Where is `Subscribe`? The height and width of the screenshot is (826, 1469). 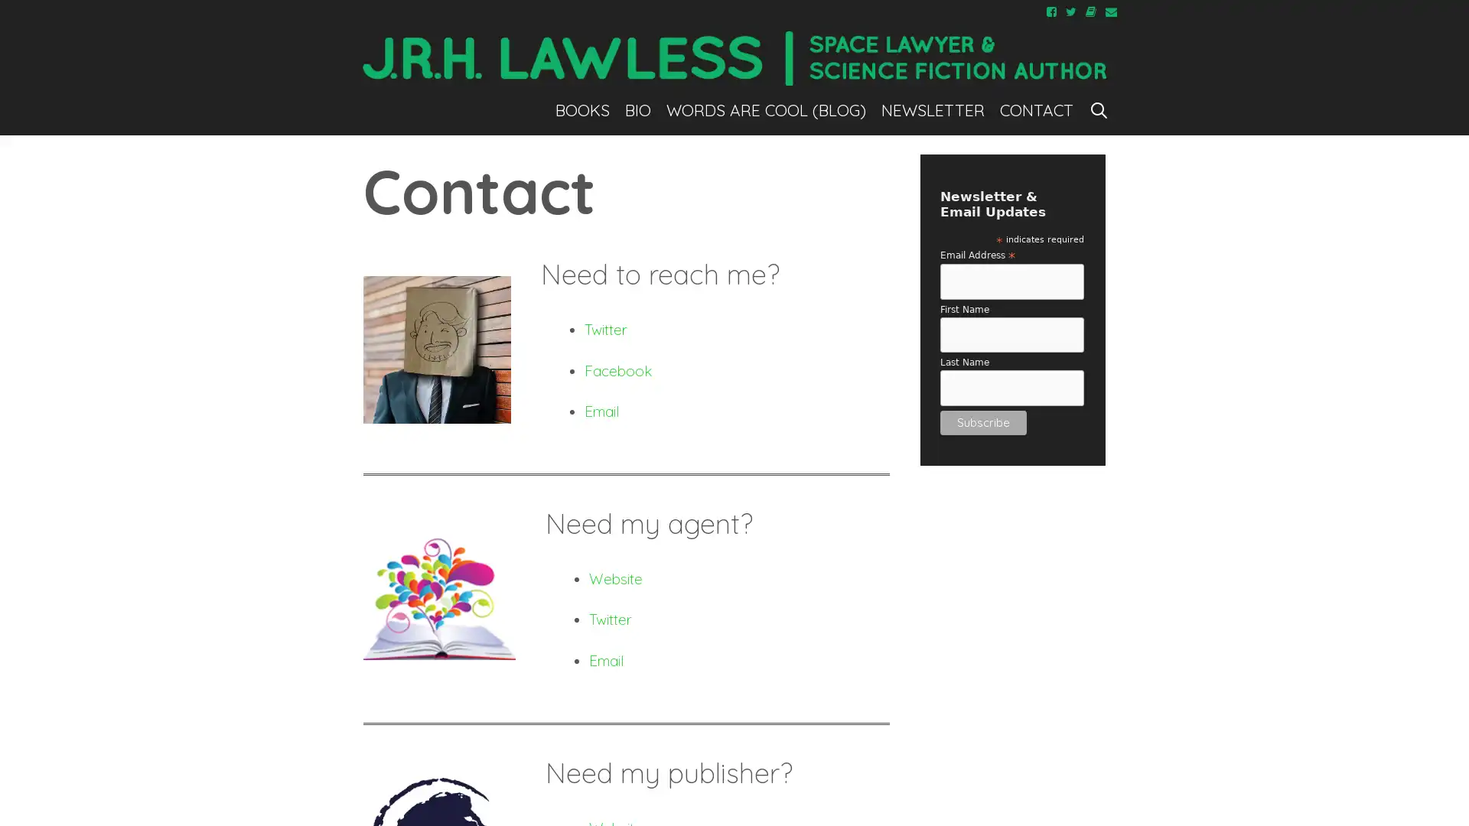
Subscribe is located at coordinates (982, 421).